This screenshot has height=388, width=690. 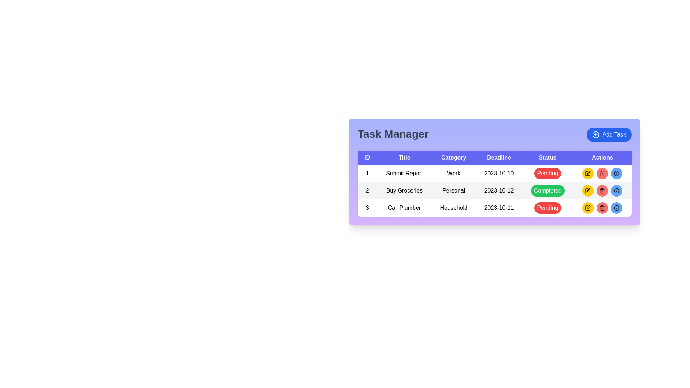 I want to click on the status button in the first row of the 'Status' column in the 'Task Manager' table corresponding to the 'Submit Report' task to interact with it, so click(x=547, y=173).